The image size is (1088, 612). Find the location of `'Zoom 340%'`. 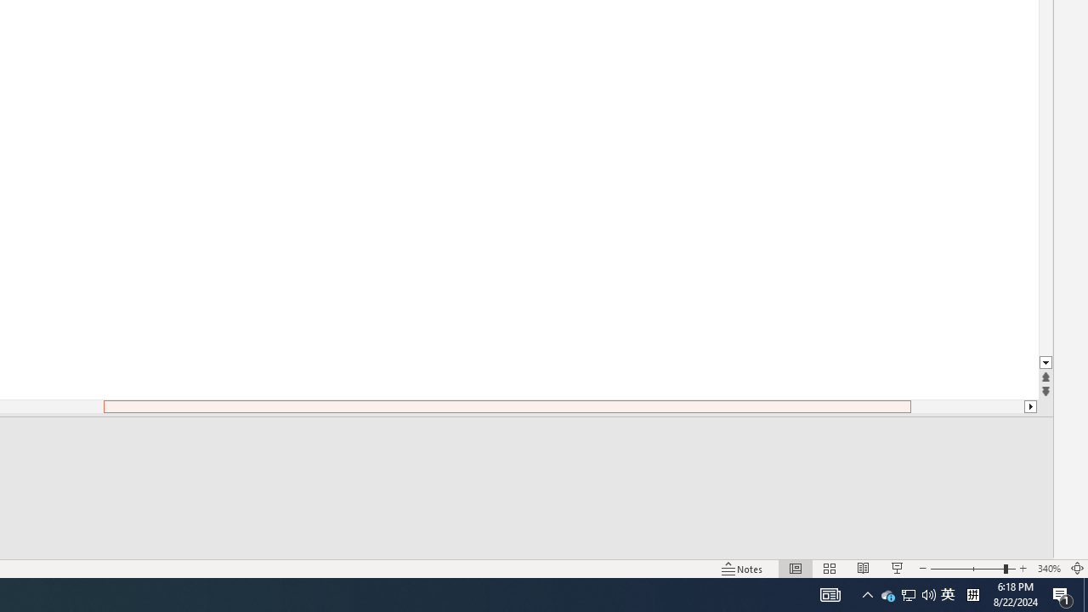

'Zoom 340%' is located at coordinates (1048, 569).